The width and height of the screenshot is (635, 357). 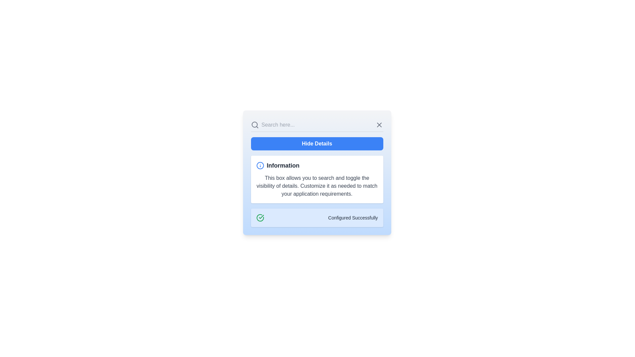 I want to click on the blue button labeled 'Hide Details' with rounded corners to hide the details displayed in the card interface, so click(x=317, y=143).